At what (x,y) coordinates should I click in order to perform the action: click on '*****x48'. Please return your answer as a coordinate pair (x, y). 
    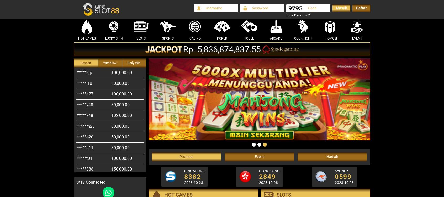
    Looking at the image, I should click on (77, 104).